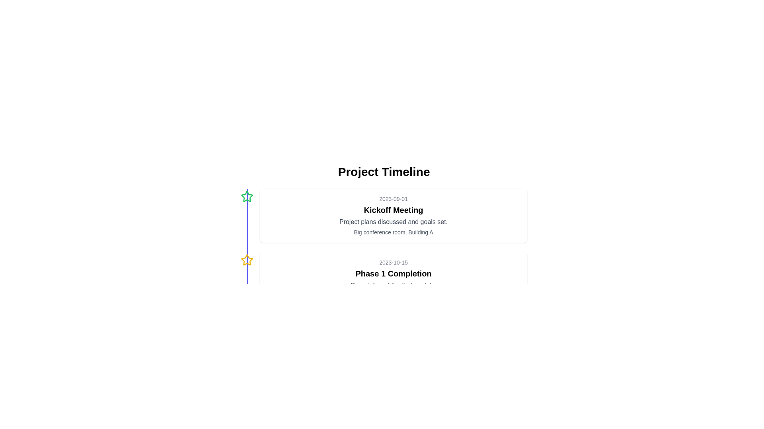 This screenshot has height=429, width=764. I want to click on the headline text element summarizing the event, located directly beneath the date '2023-10-15' and above the description text 'Completion of the first module', so click(393, 273).